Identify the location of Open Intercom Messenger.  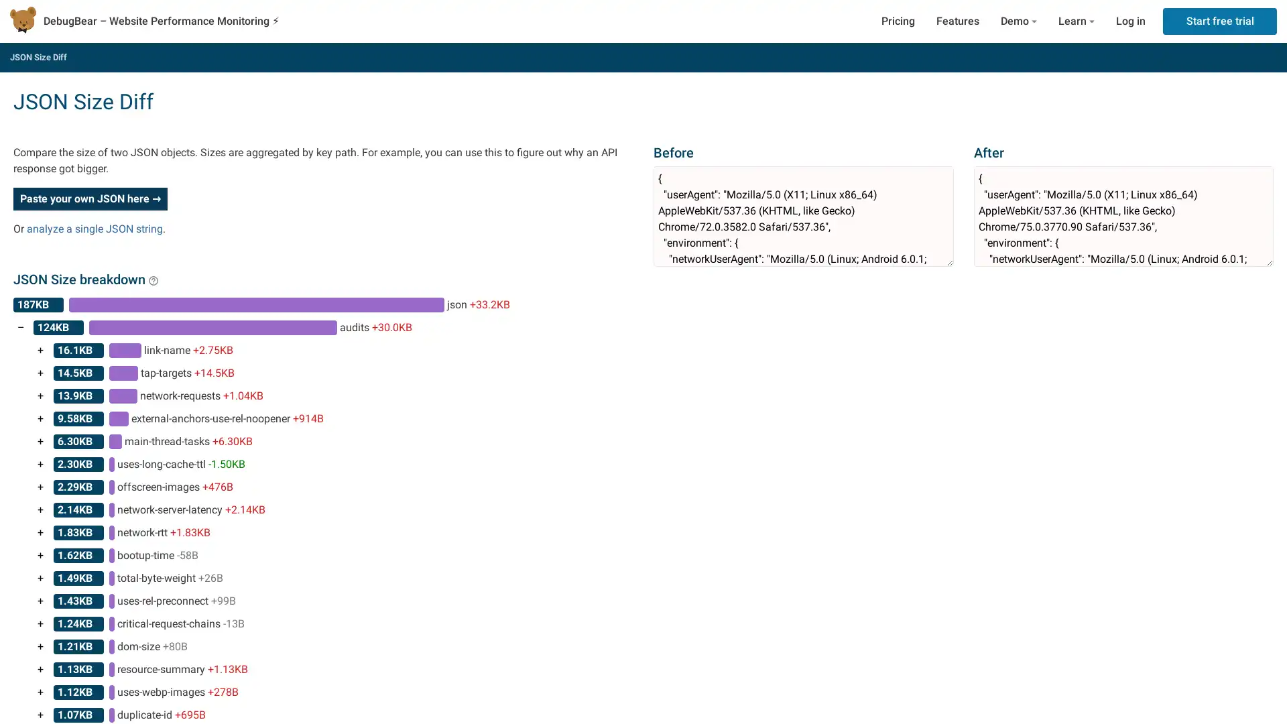
(1253, 690).